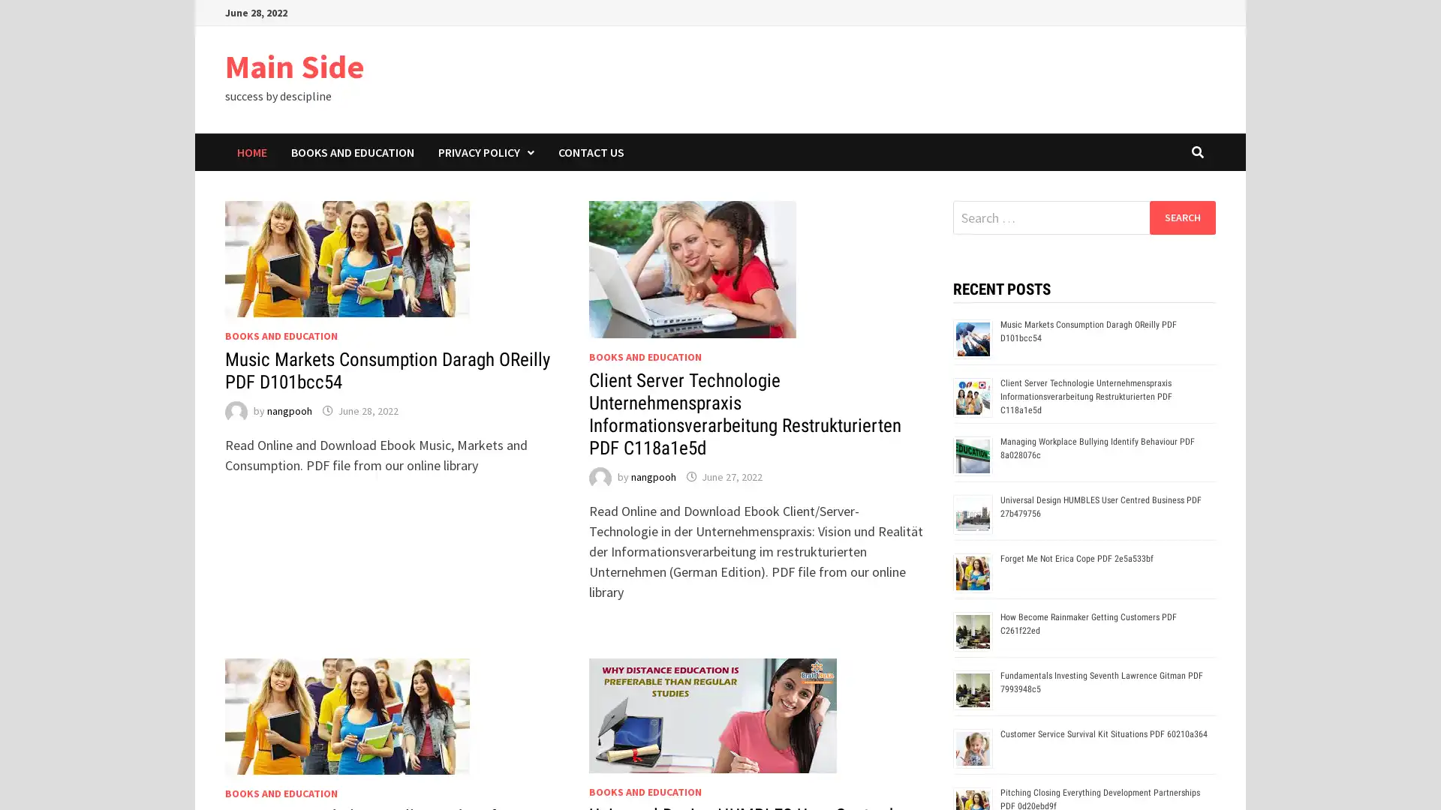  I want to click on Search, so click(1181, 217).